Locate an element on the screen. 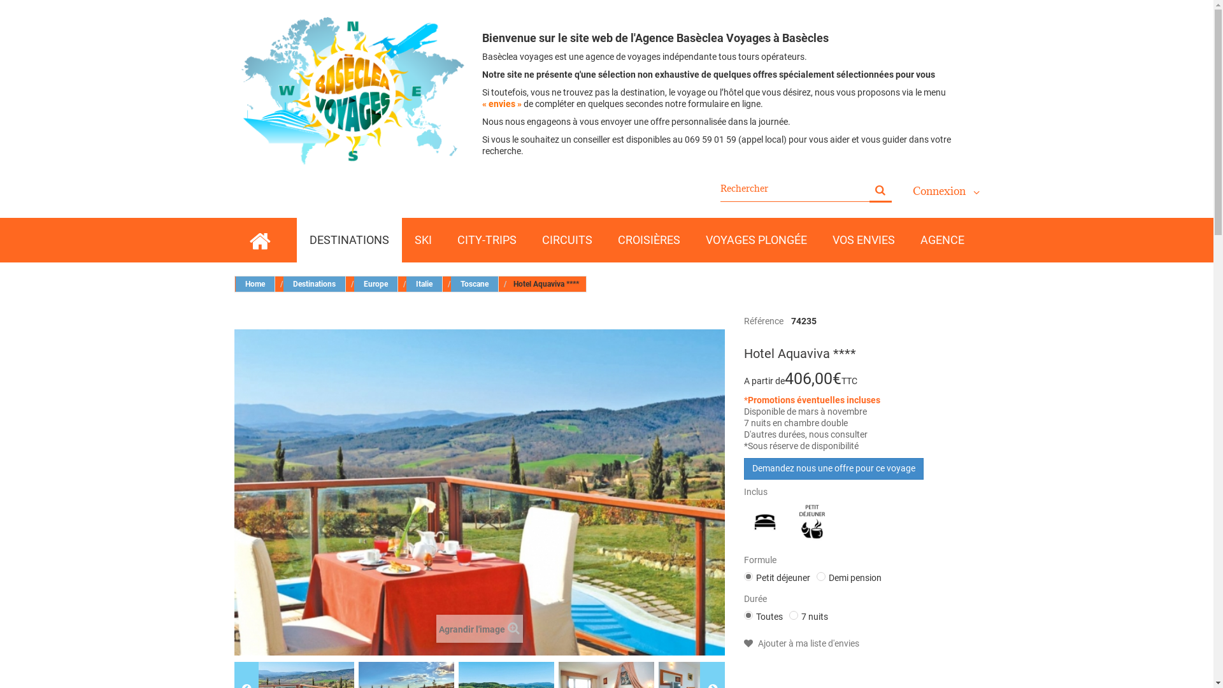 The image size is (1223, 688). 'Logement' is located at coordinates (745, 521).